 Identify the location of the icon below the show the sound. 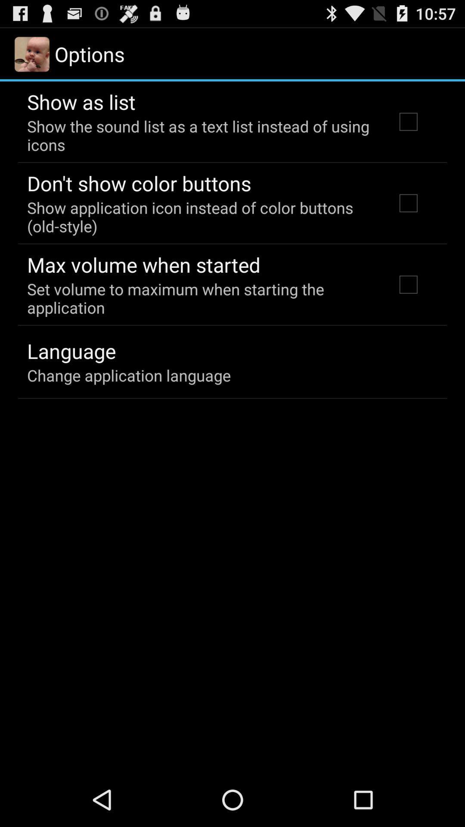
(139, 183).